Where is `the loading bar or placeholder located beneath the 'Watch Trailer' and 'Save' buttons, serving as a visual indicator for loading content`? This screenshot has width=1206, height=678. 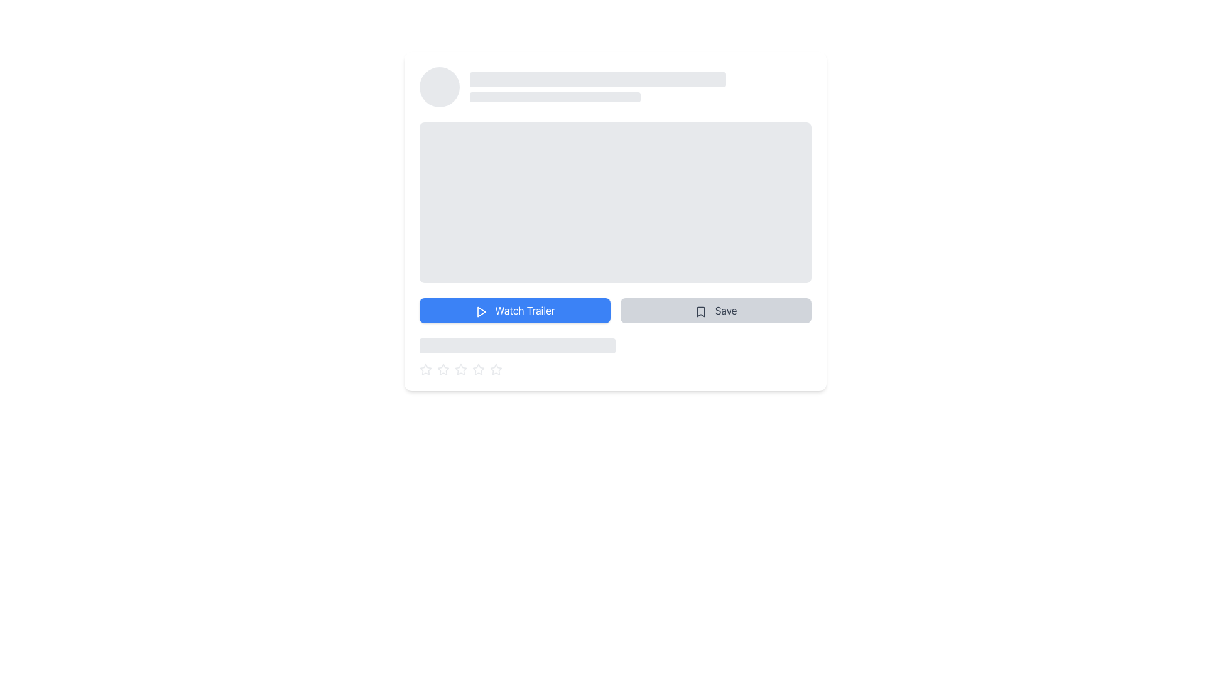 the loading bar or placeholder located beneath the 'Watch Trailer' and 'Save' buttons, serving as a visual indicator for loading content is located at coordinates (518, 346).